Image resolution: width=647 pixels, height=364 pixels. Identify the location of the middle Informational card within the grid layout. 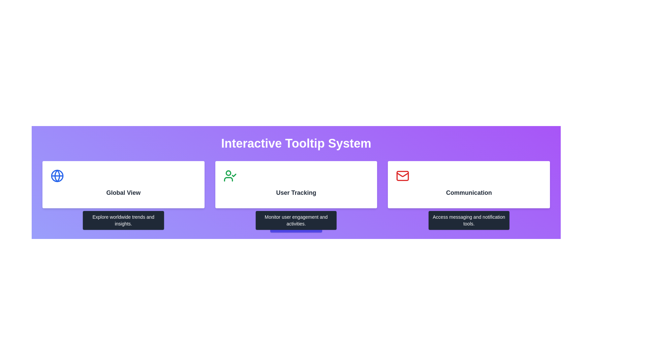
(296, 184).